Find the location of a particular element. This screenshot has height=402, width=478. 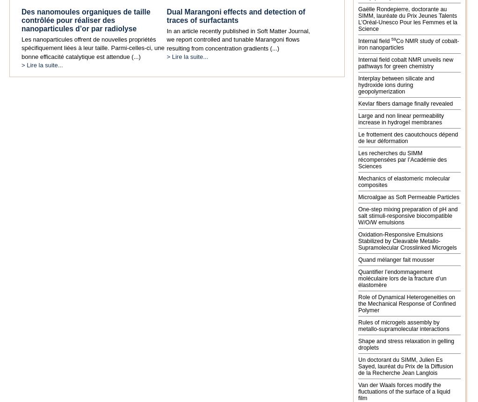

'Internal field cobalt NMR unveils new pathways for green chemistry' is located at coordinates (406, 62).